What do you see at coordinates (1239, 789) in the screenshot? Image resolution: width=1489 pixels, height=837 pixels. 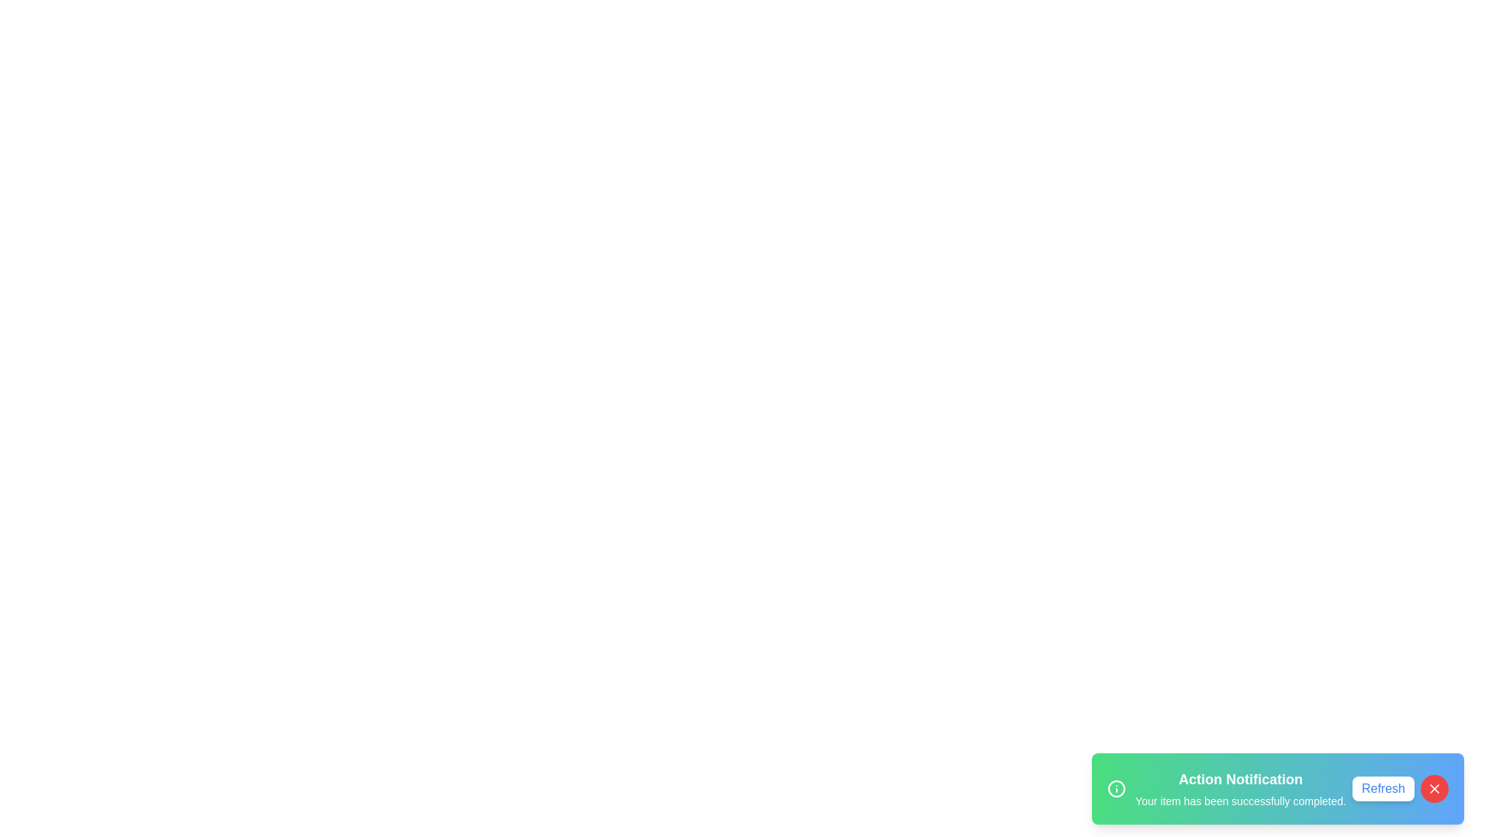 I see `the text within the snackbar to select it` at bounding box center [1239, 789].